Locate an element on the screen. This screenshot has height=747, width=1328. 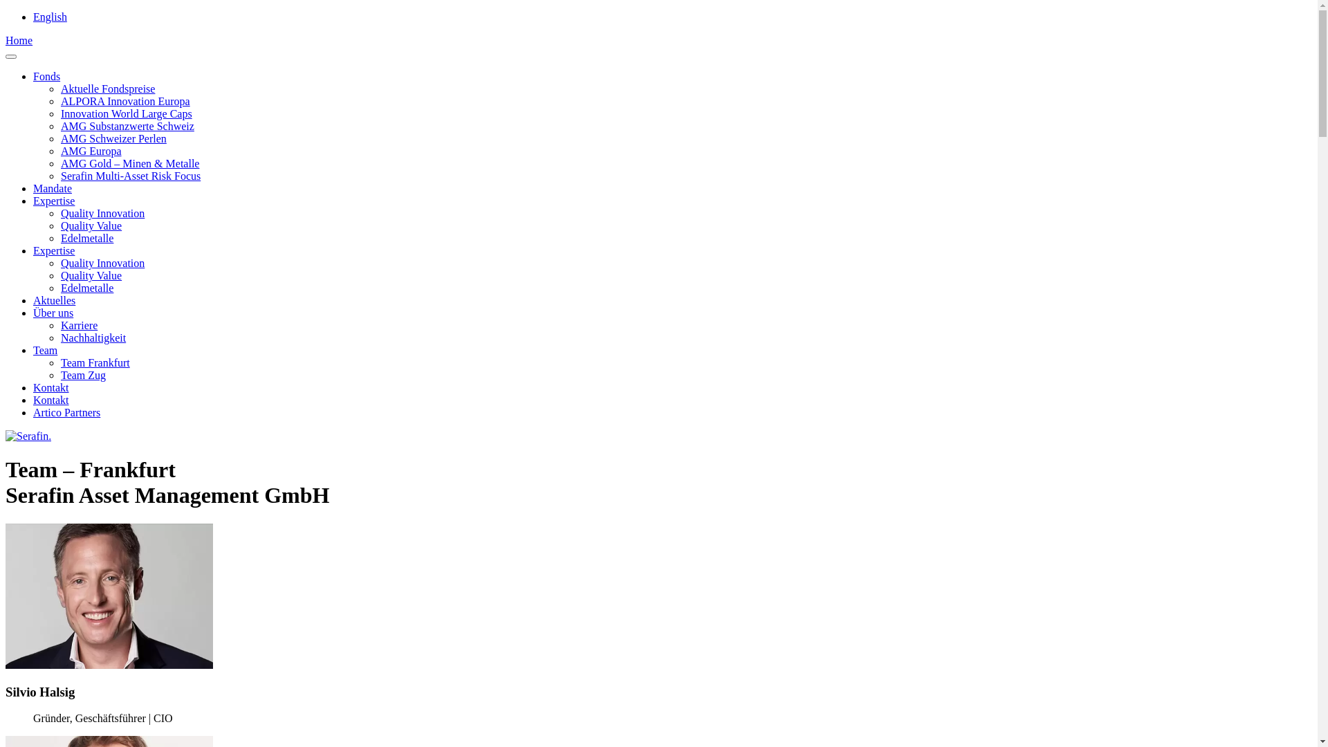
'Artico Partners' is located at coordinates (66, 412).